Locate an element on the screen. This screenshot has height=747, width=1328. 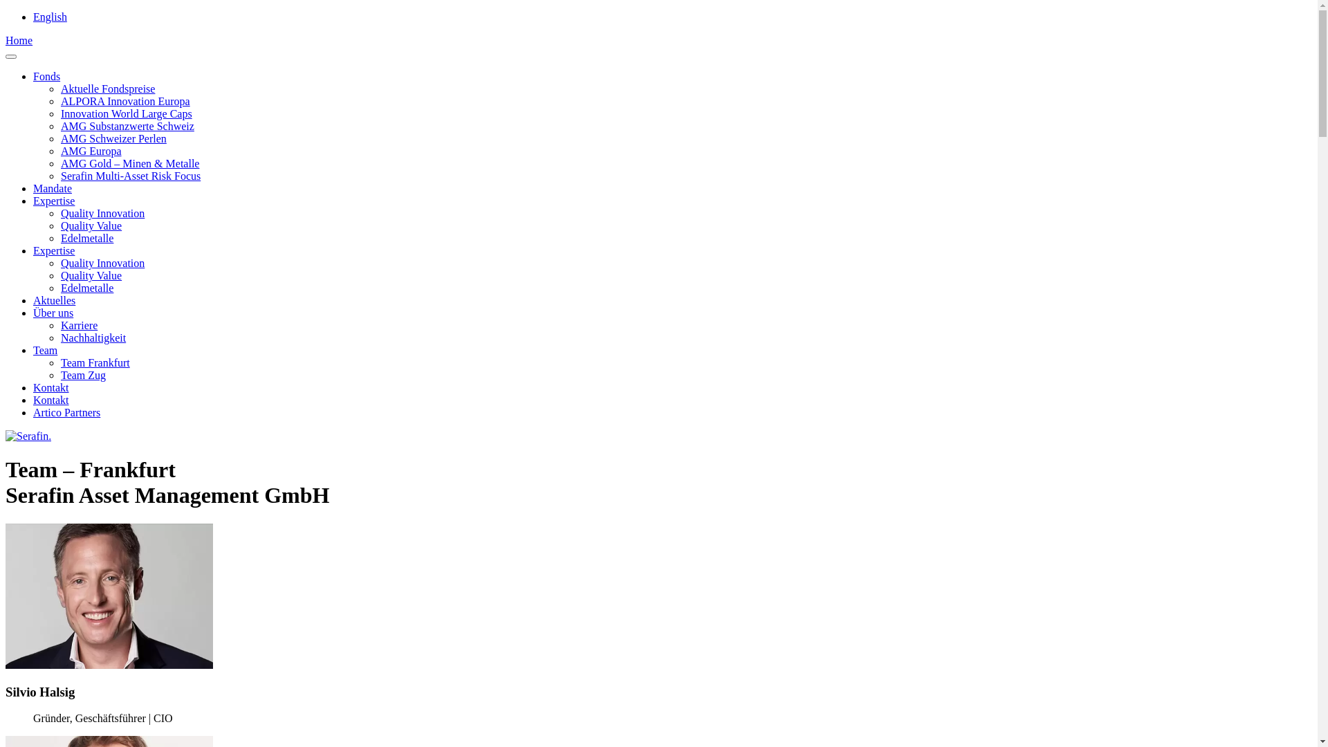
'Artico Partners' is located at coordinates (66, 412).